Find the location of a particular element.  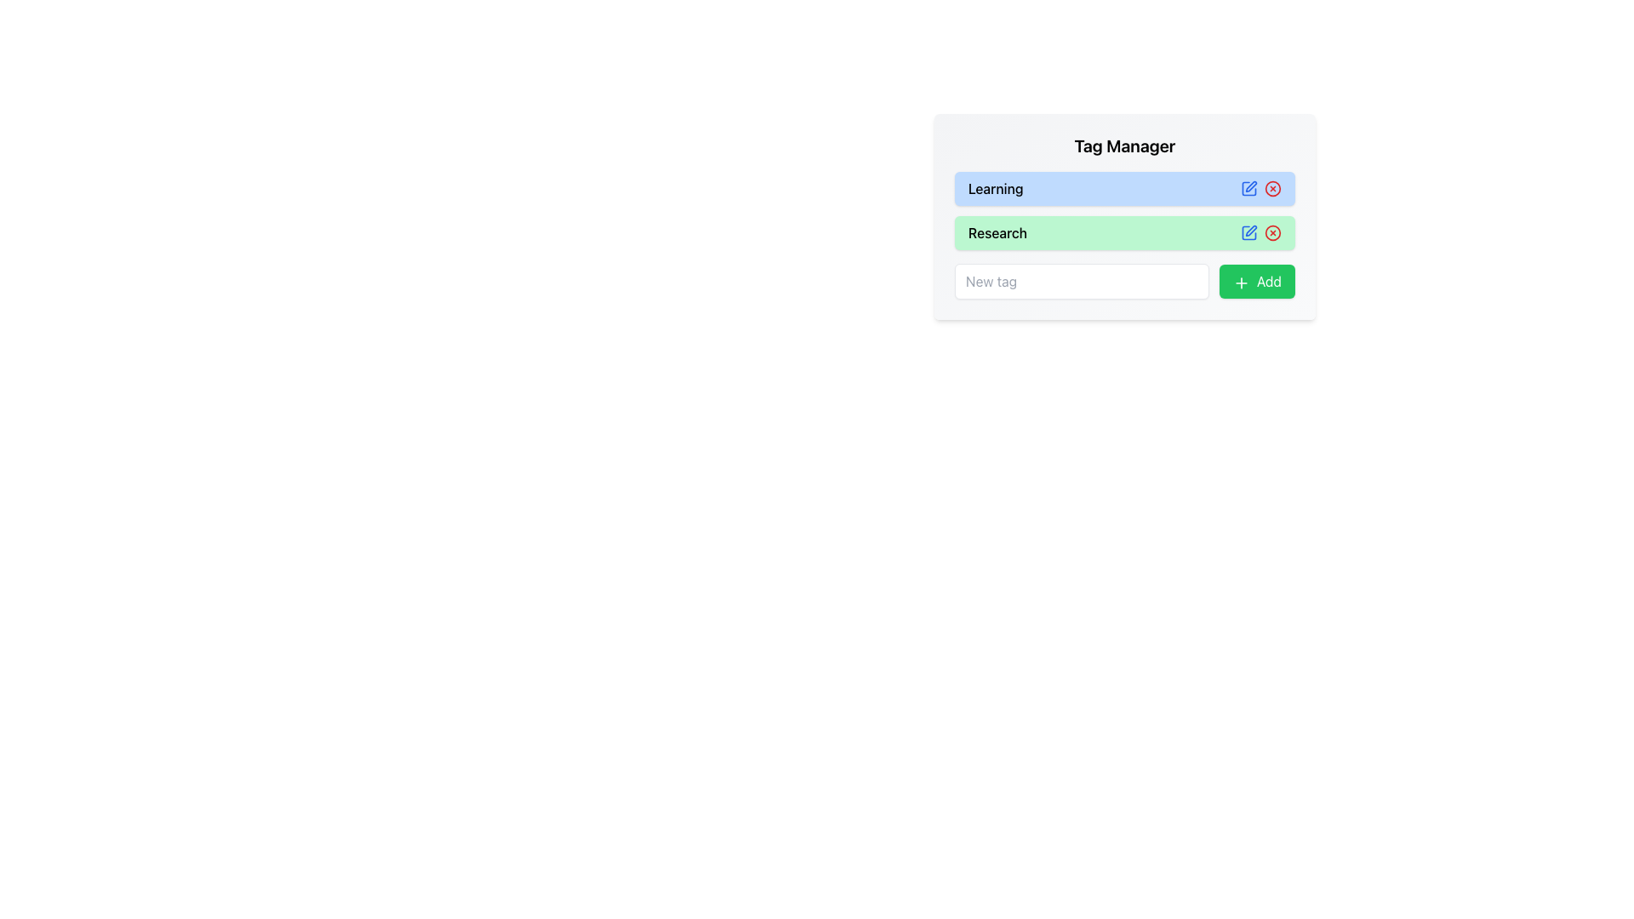

the small blue pen icon button representing the edit action, located within the green 'Research' section, to change its color is located at coordinates (1249, 232).